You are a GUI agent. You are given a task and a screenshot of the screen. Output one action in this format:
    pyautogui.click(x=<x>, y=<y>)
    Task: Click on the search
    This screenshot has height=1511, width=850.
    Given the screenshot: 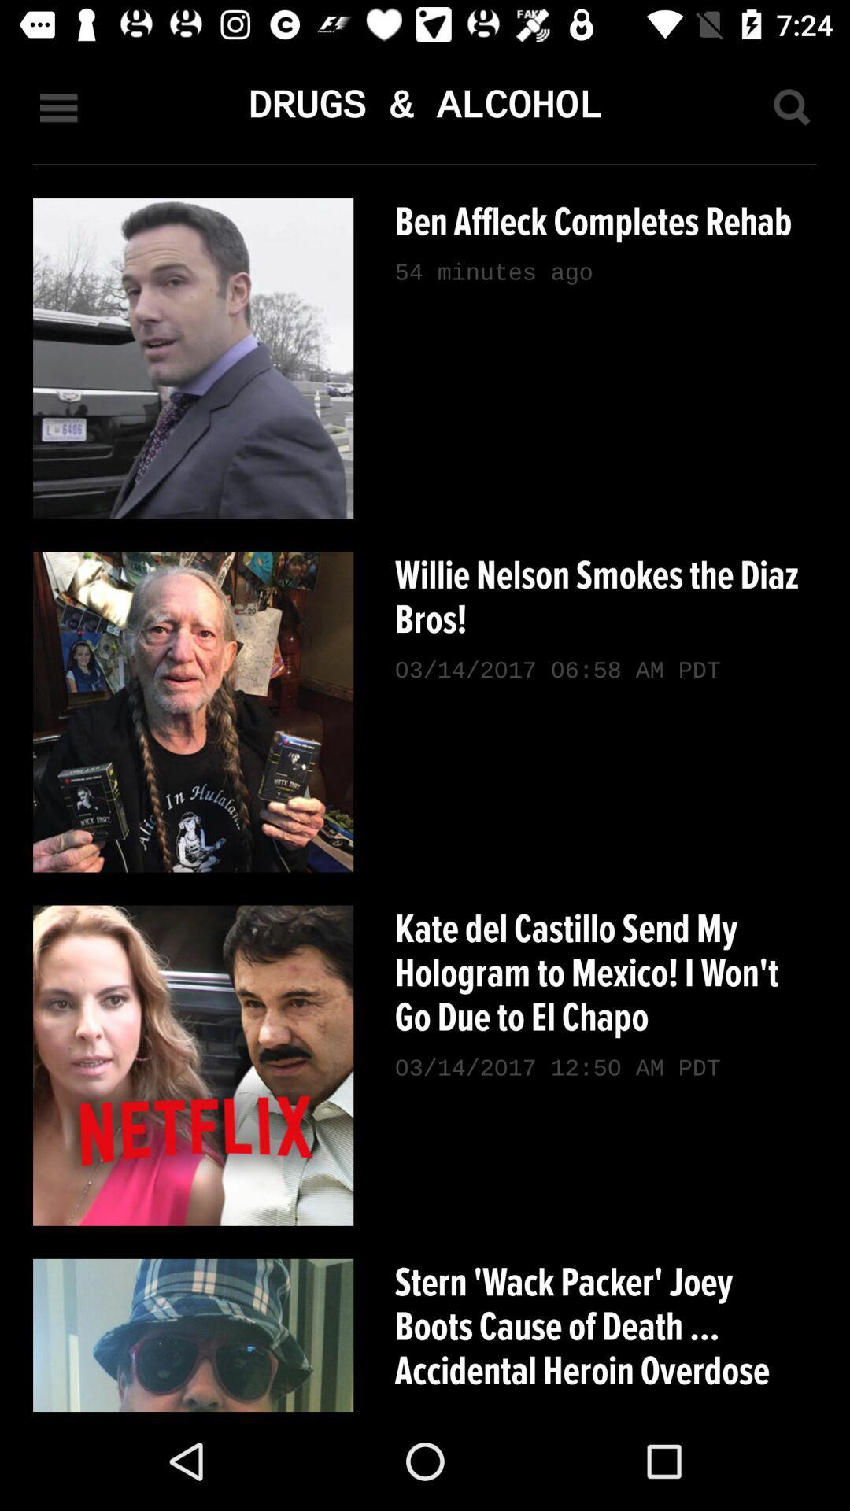 What is the action you would take?
    pyautogui.click(x=791, y=106)
    